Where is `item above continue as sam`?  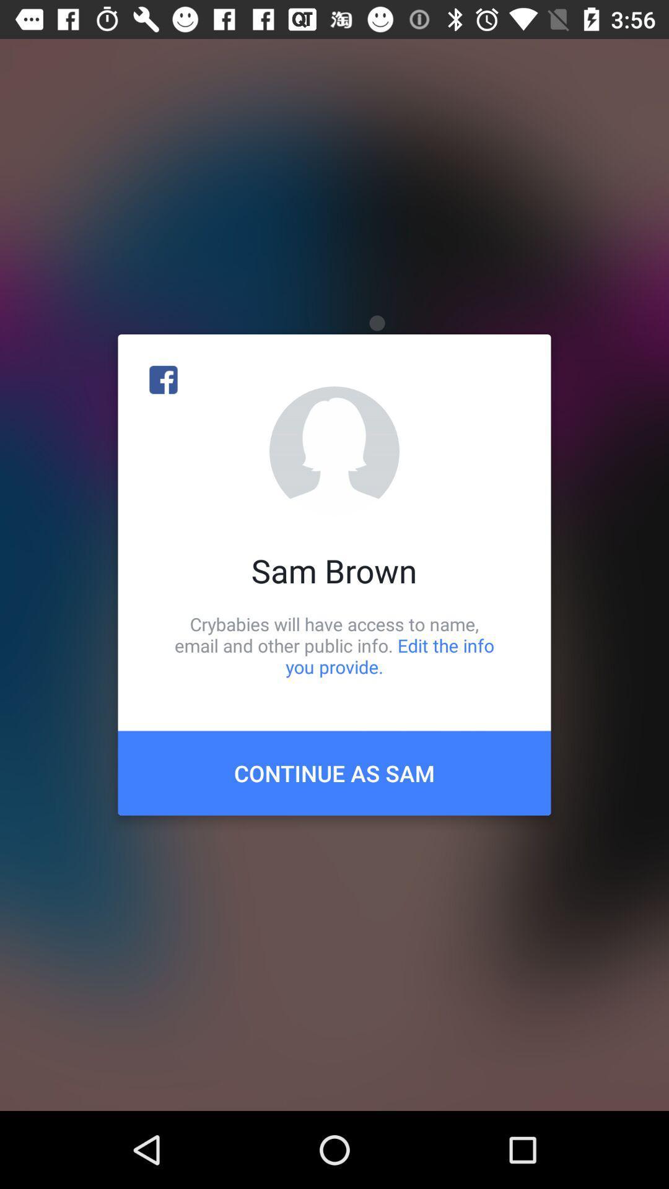 item above continue as sam is located at coordinates (334, 645).